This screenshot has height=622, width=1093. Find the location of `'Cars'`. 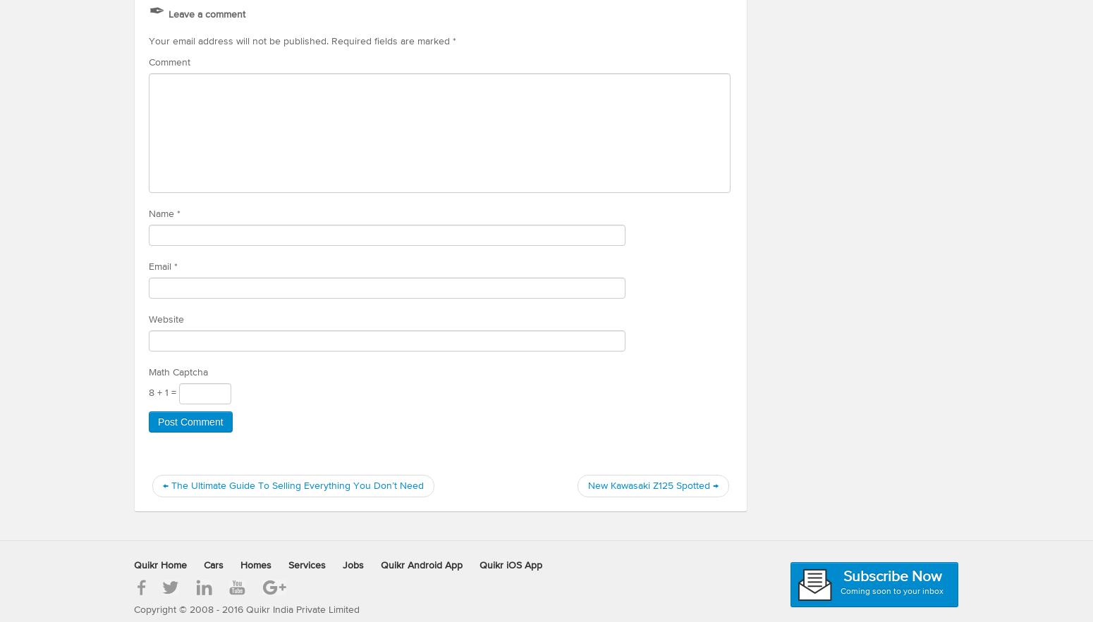

'Cars' is located at coordinates (214, 564).